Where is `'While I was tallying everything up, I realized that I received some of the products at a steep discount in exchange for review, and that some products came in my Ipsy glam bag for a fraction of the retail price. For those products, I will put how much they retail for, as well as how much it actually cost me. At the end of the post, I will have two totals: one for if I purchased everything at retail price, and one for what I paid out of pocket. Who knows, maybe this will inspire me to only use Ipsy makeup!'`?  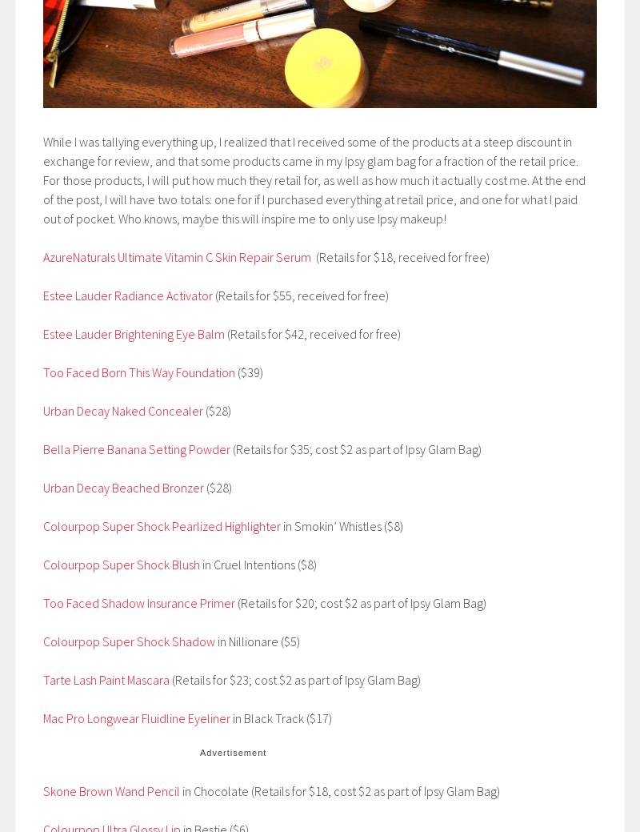 'While I was tallying everything up, I realized that I received some of the products at a steep discount in exchange for review, and that some products came in my Ipsy glam bag for a fraction of the retail price. For those products, I will put how much they retail for, as well as how much it actually cost me. At the end of the post, I will have two totals: one for if I purchased everything at retail price, and one for what I paid out of pocket. Who knows, maybe this will inspire me to only use Ipsy makeup!' is located at coordinates (314, 179).